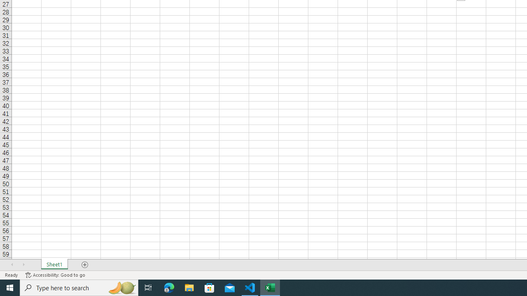 The height and width of the screenshot is (296, 527). Describe the element at coordinates (85, 265) in the screenshot. I see `'Add Sheet'` at that location.